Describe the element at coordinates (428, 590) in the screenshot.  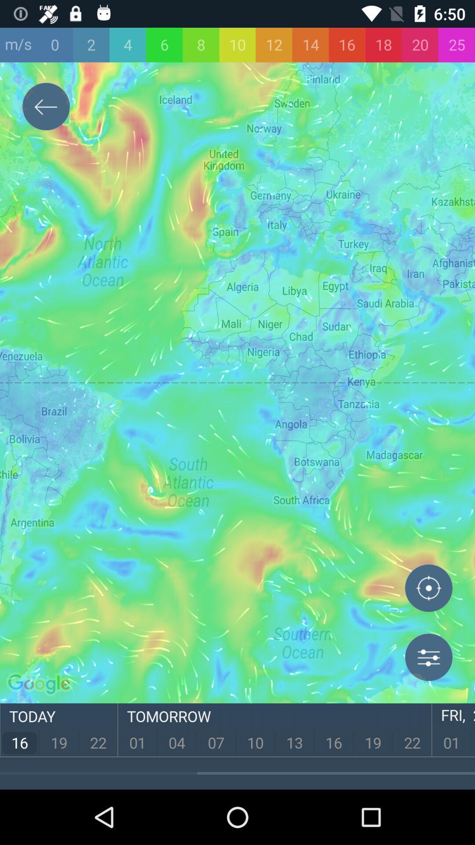
I see `zoom` at that location.